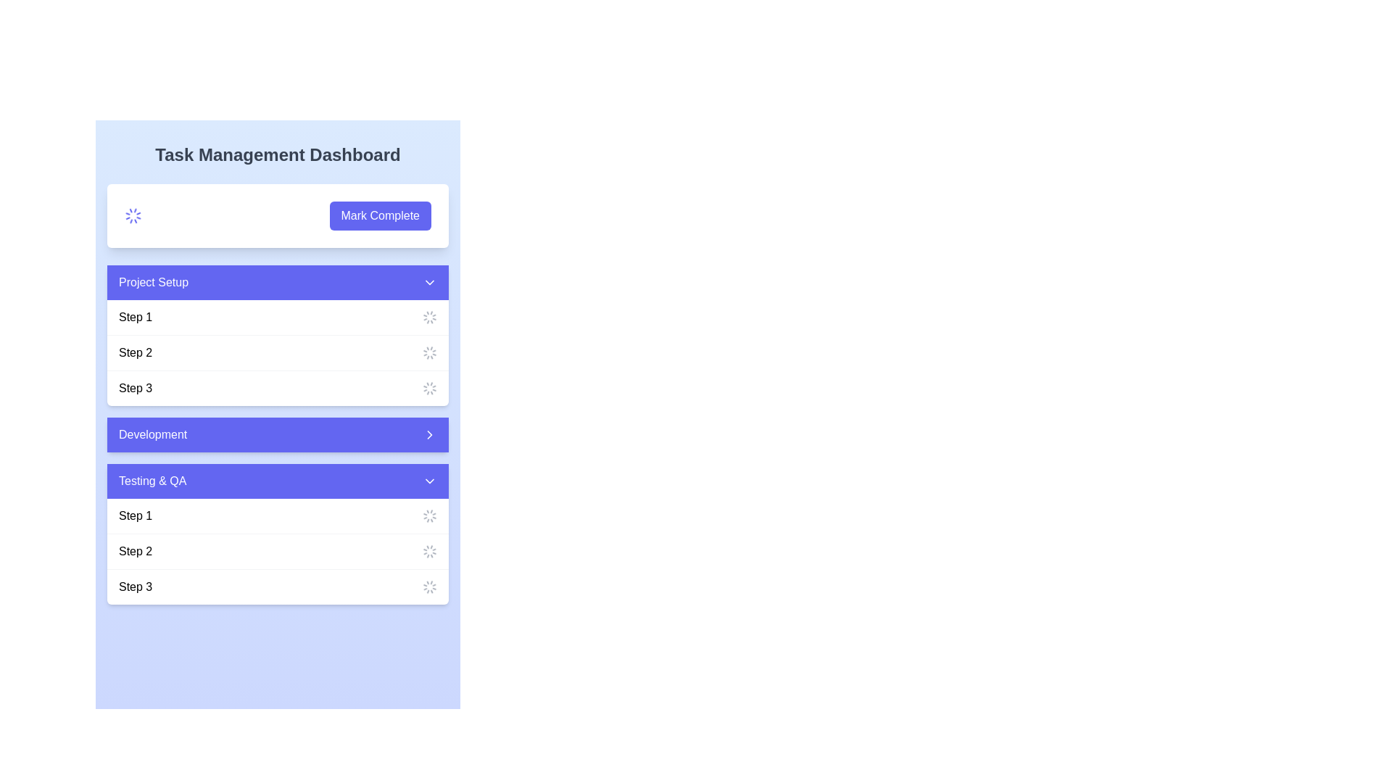 The image size is (1392, 783). I want to click on the static text within the collapsible menu header located in the left panel under 'Task Management Dashboard', so click(153, 282).